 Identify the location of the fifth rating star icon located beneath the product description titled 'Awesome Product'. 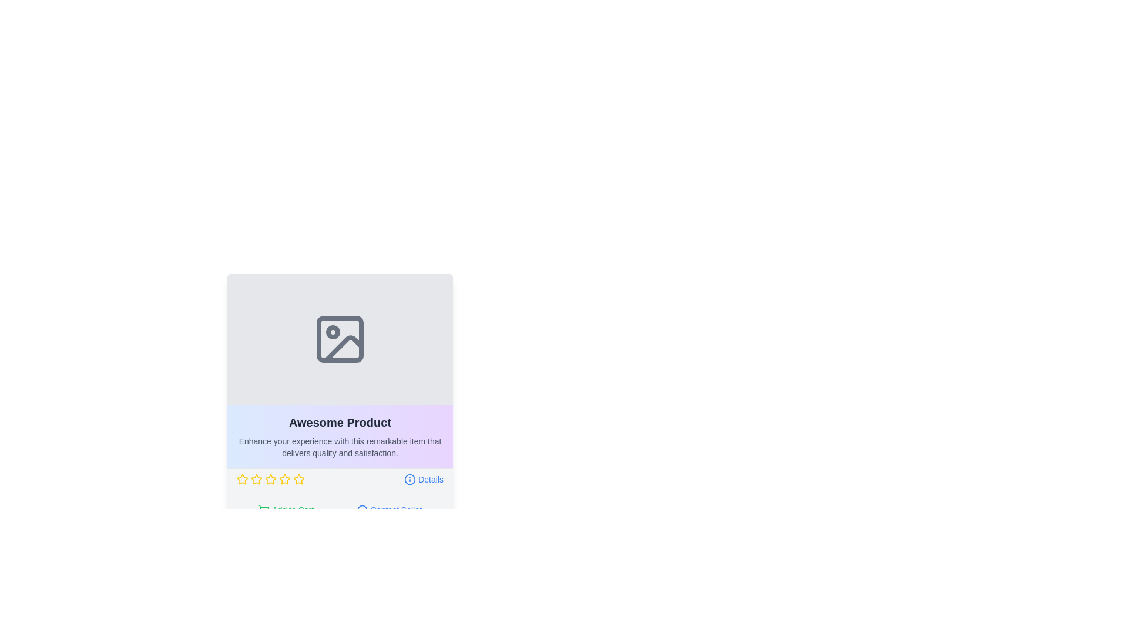
(284, 480).